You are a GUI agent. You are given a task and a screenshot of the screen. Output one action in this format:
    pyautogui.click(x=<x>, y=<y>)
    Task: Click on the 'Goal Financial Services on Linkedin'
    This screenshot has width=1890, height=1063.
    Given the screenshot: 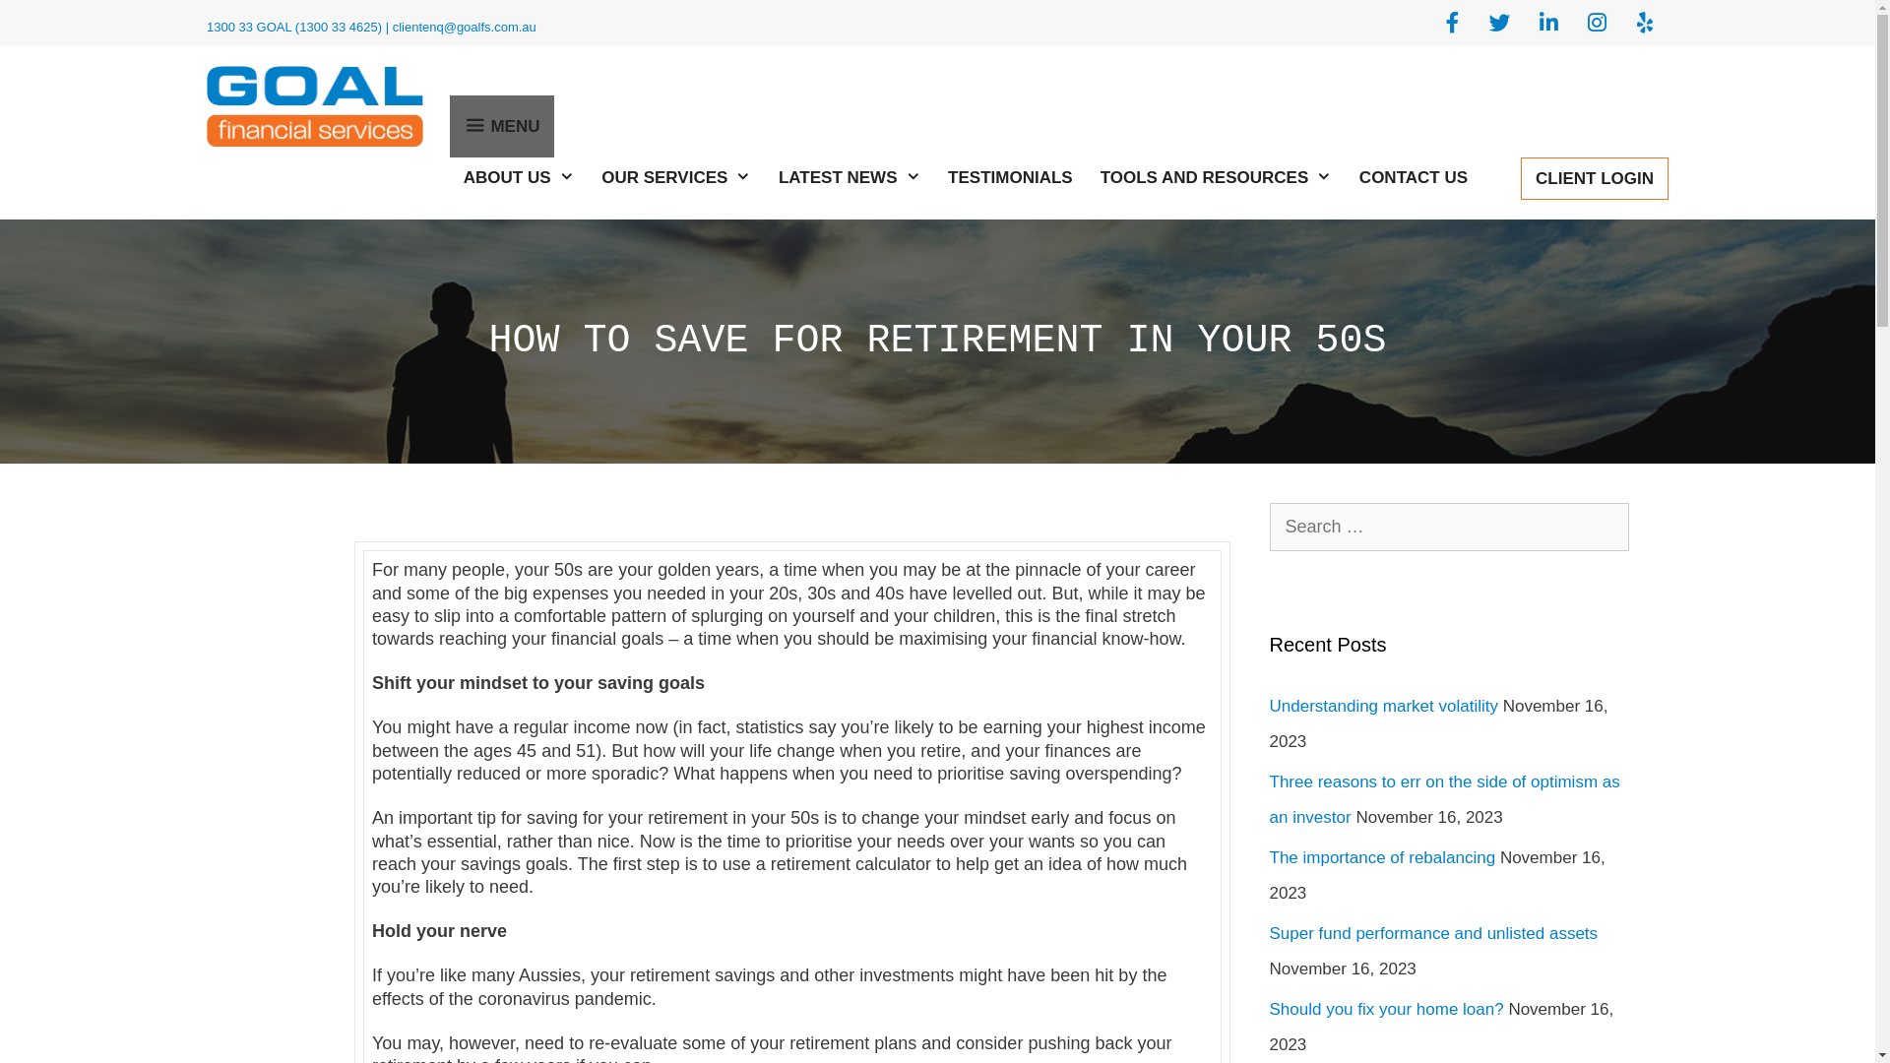 What is the action you would take?
    pyautogui.click(x=1526, y=23)
    